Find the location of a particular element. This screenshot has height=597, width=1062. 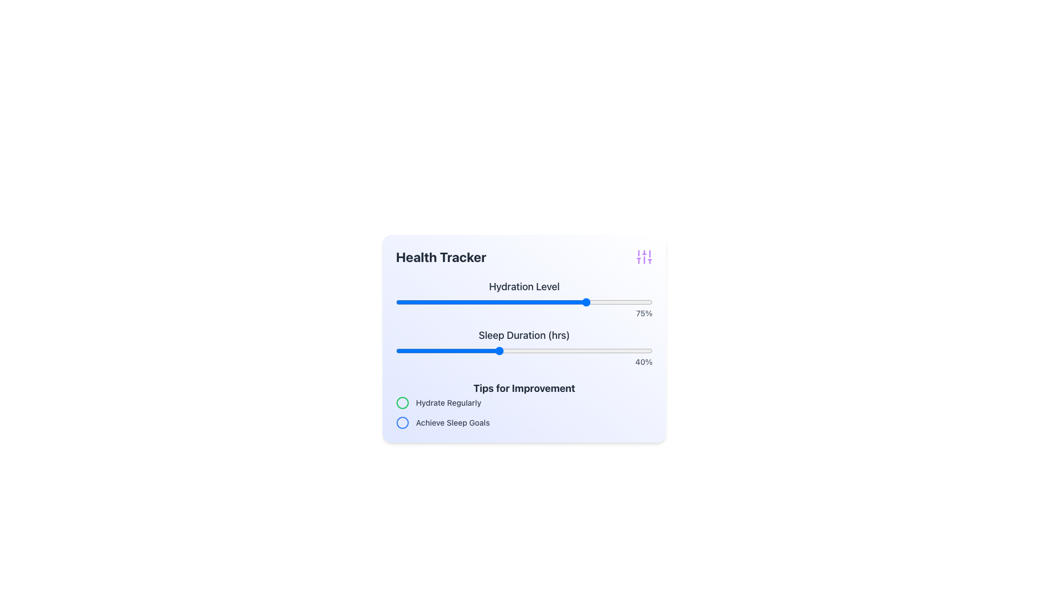

the text label displaying 'Achieve Sleep Goals', which is styled in medium-sized gray font and located next to a blue circular icon in the 'Tips for Improvement' section is located at coordinates (452, 422).